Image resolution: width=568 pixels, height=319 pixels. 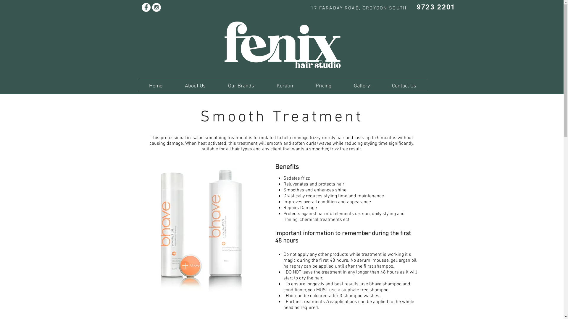 I want to click on 'Gallery', so click(x=362, y=86).